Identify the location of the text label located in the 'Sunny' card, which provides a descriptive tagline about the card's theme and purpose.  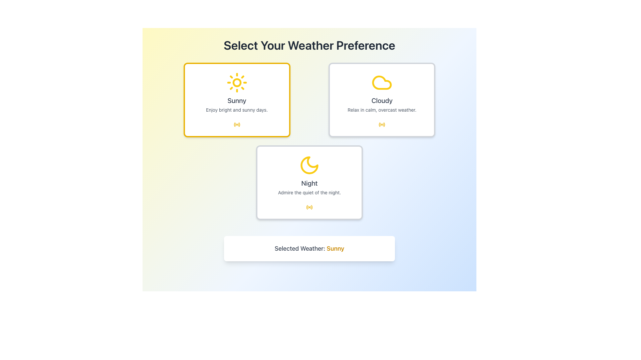
(237, 110).